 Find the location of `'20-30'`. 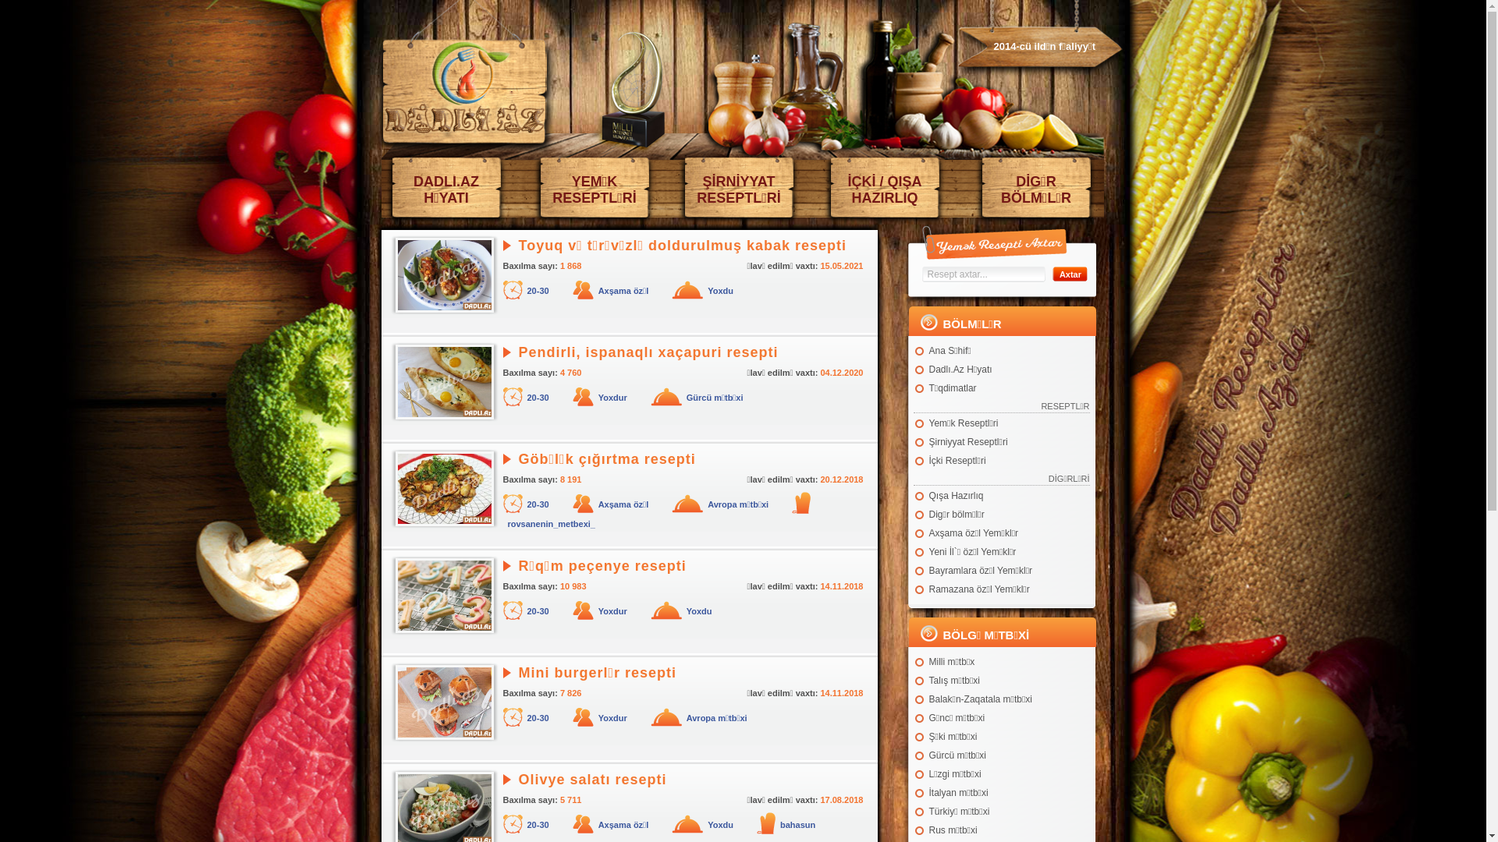

'20-30' is located at coordinates (538, 718).